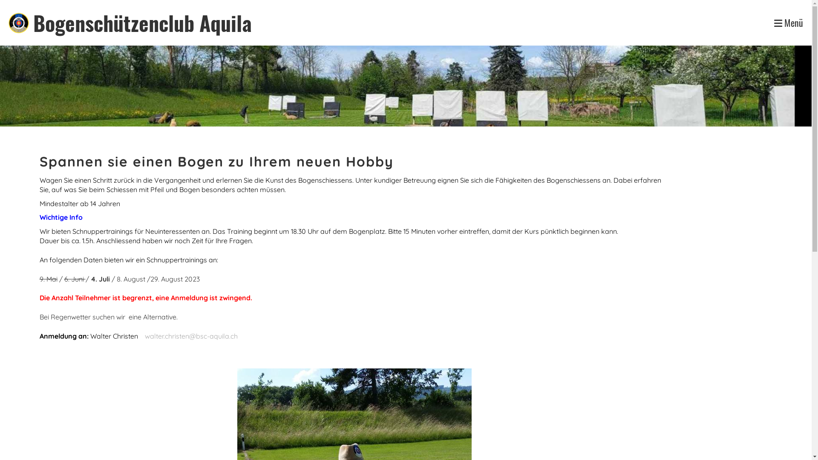 The image size is (818, 460). Describe the element at coordinates (191, 336) in the screenshot. I see `'walter.christen@bsc-aquila.ch'` at that location.